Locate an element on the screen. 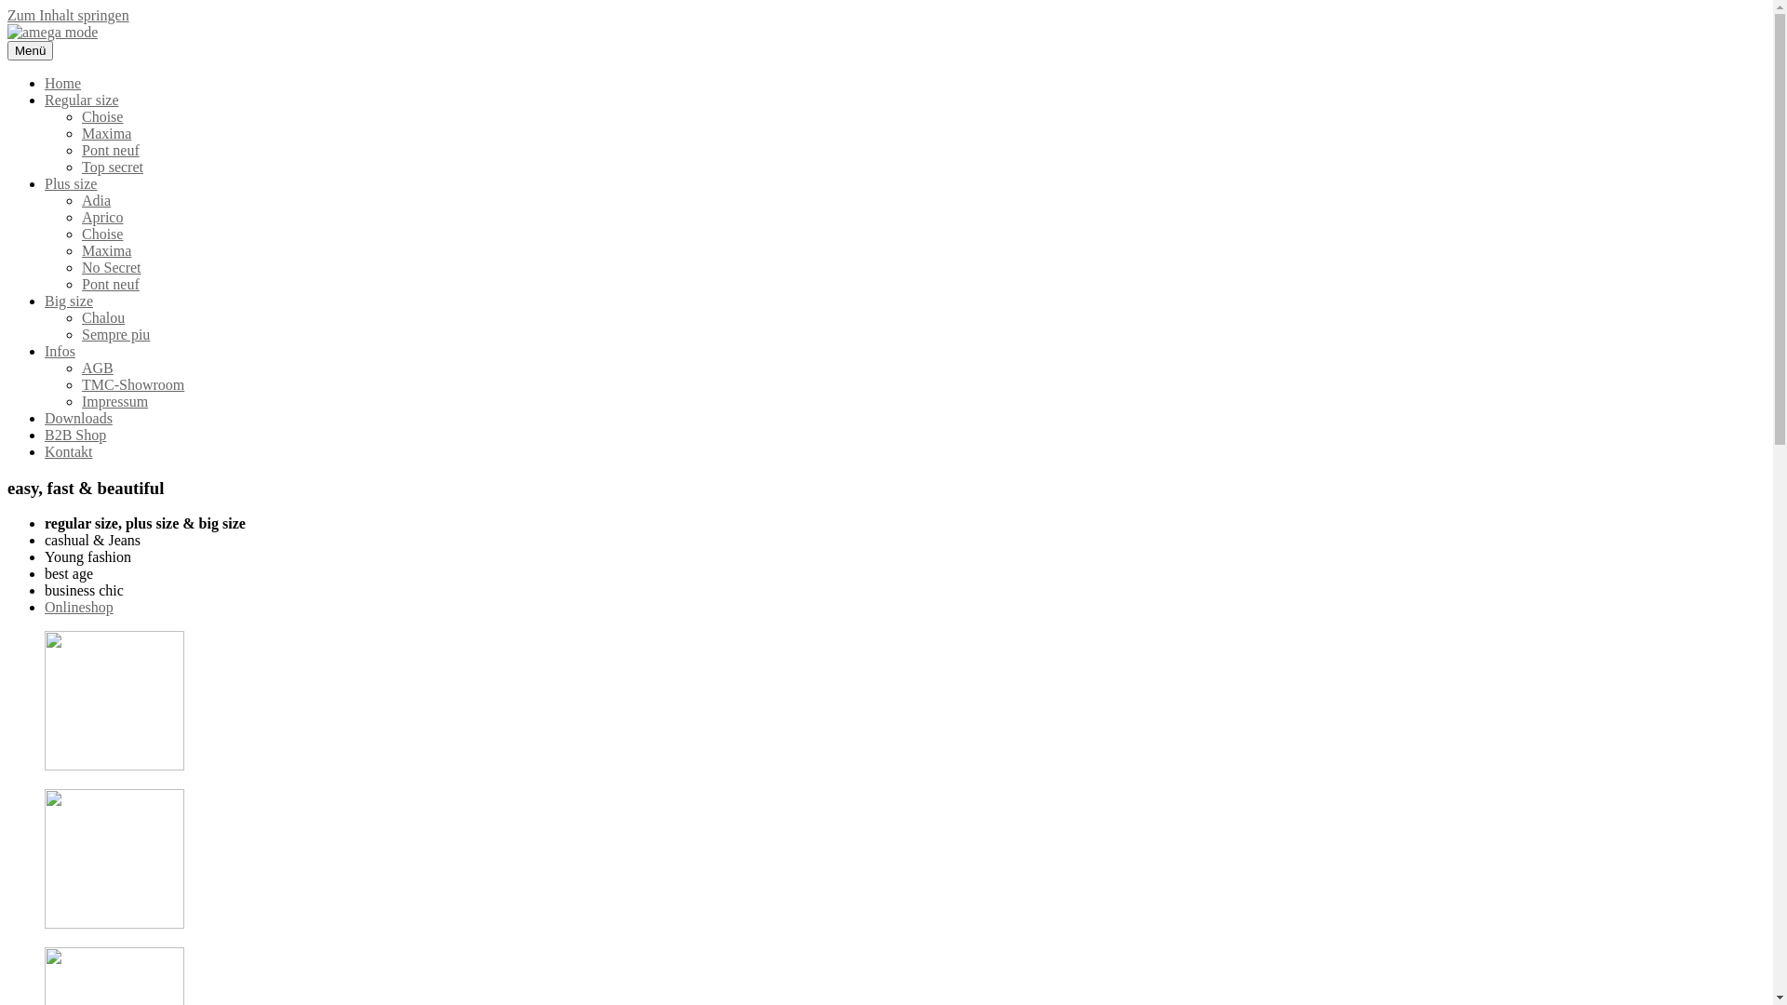 The width and height of the screenshot is (1787, 1005). 'Top secret' is located at coordinates (80, 166).